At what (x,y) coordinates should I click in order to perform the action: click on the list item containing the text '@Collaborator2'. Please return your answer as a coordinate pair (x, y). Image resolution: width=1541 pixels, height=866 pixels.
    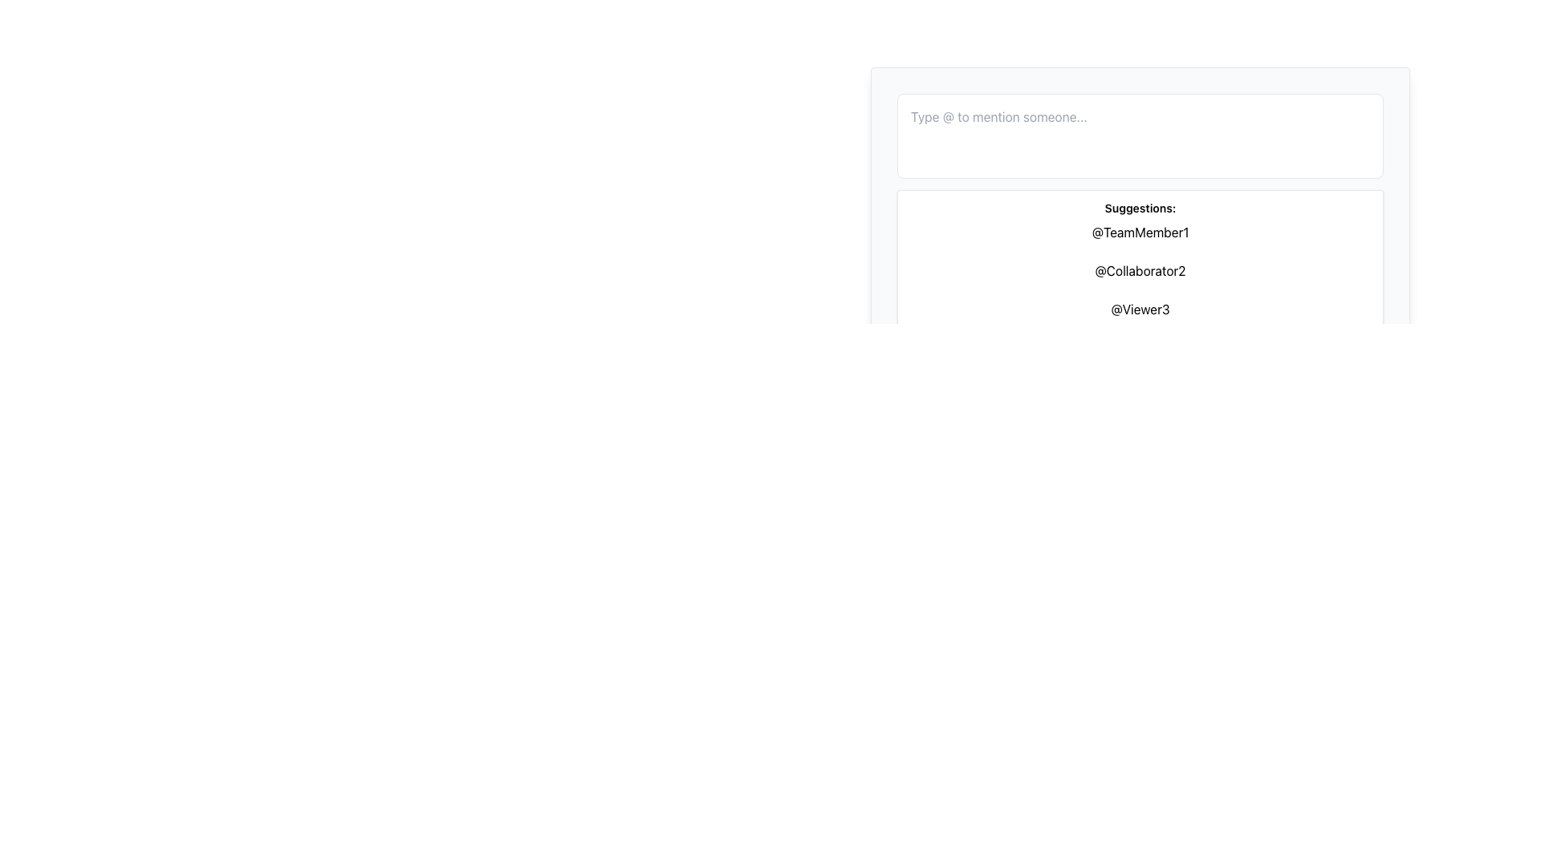
    Looking at the image, I should click on (1139, 270).